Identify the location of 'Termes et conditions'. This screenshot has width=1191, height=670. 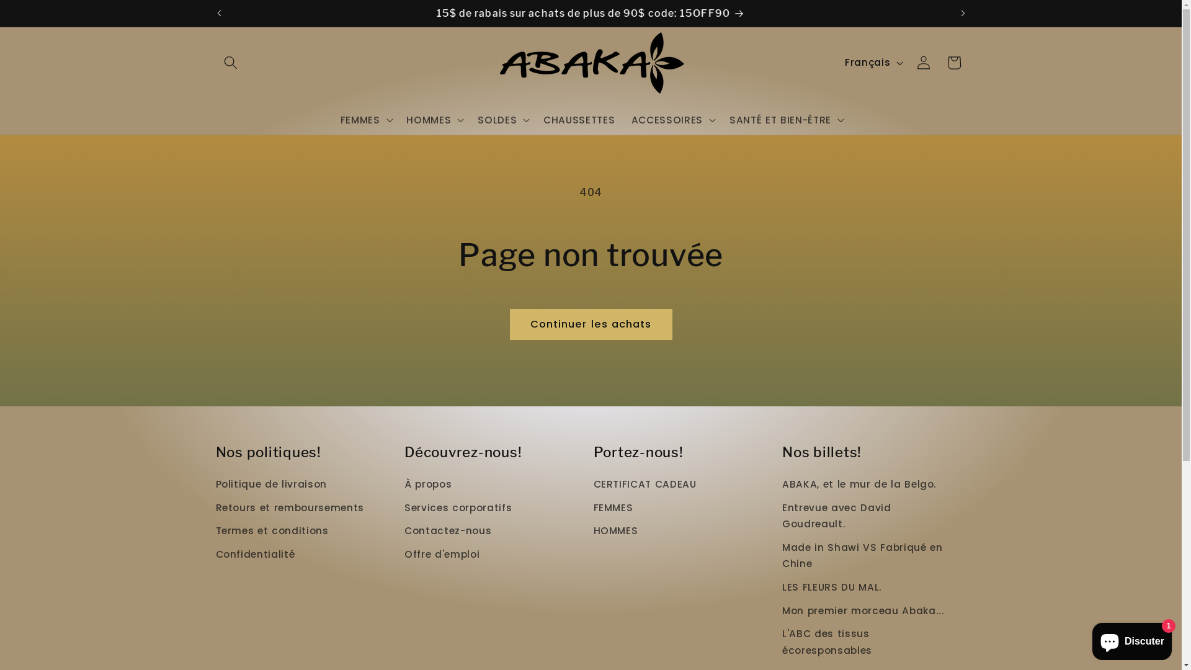
(271, 530).